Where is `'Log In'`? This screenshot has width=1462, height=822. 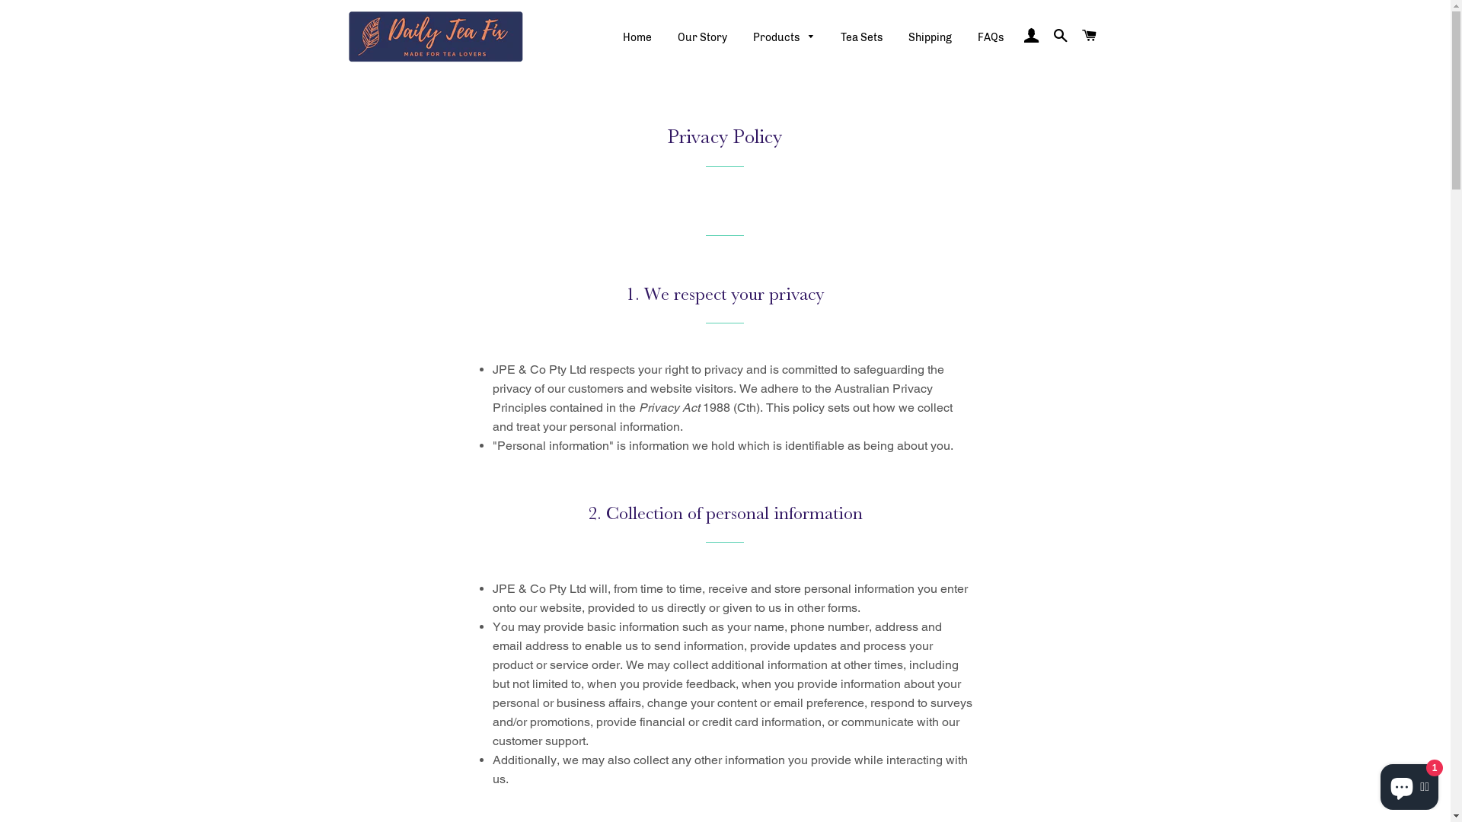 'Log In' is located at coordinates (1018, 35).